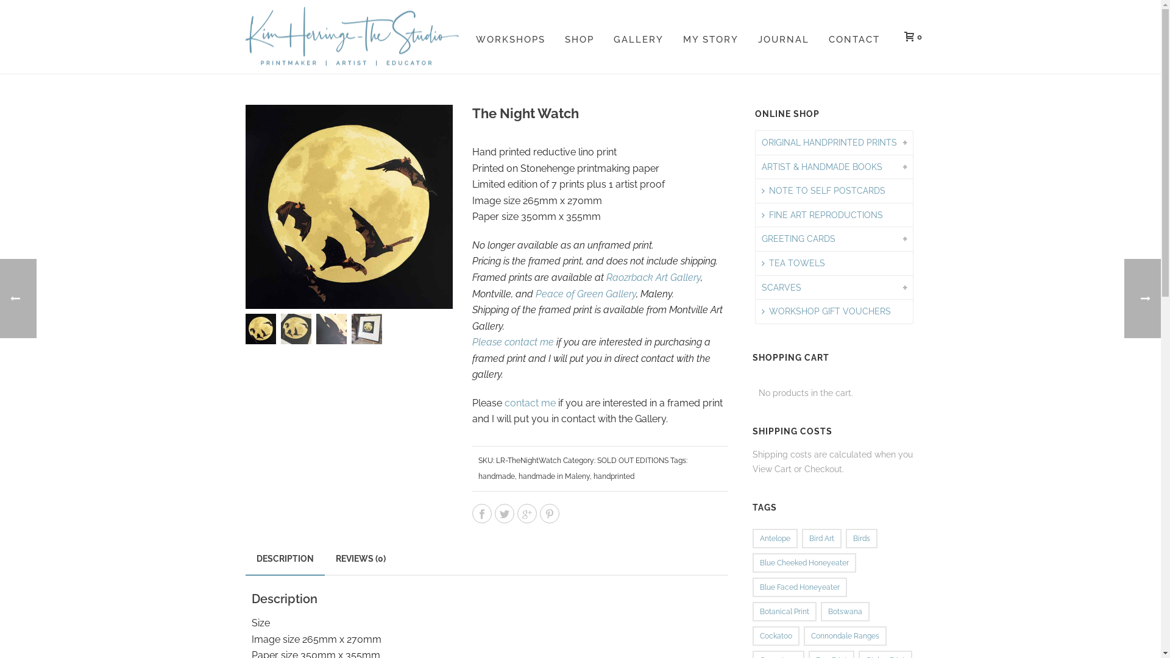 Image resolution: width=1170 pixels, height=658 pixels. What do you see at coordinates (845, 611) in the screenshot?
I see `'Botswana'` at bounding box center [845, 611].